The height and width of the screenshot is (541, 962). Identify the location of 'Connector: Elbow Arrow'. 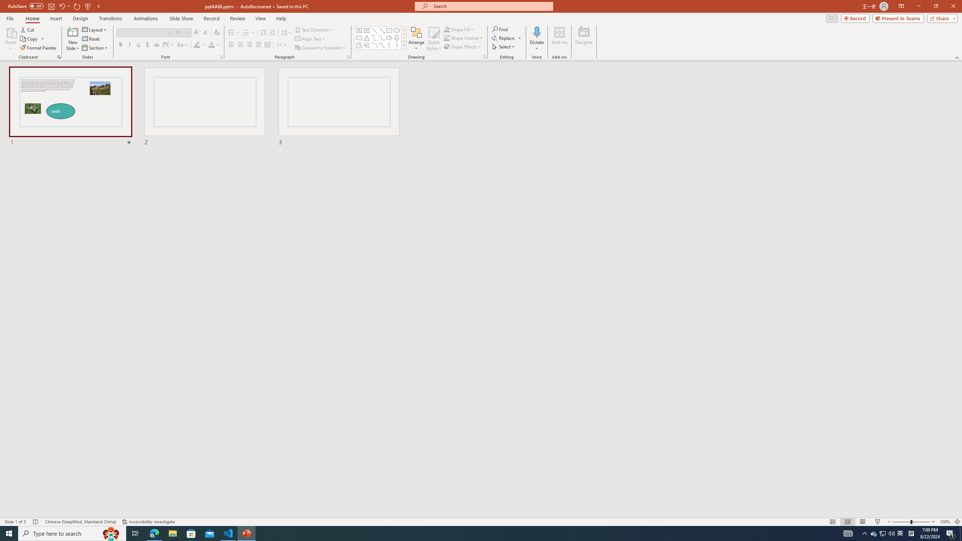
(381, 37).